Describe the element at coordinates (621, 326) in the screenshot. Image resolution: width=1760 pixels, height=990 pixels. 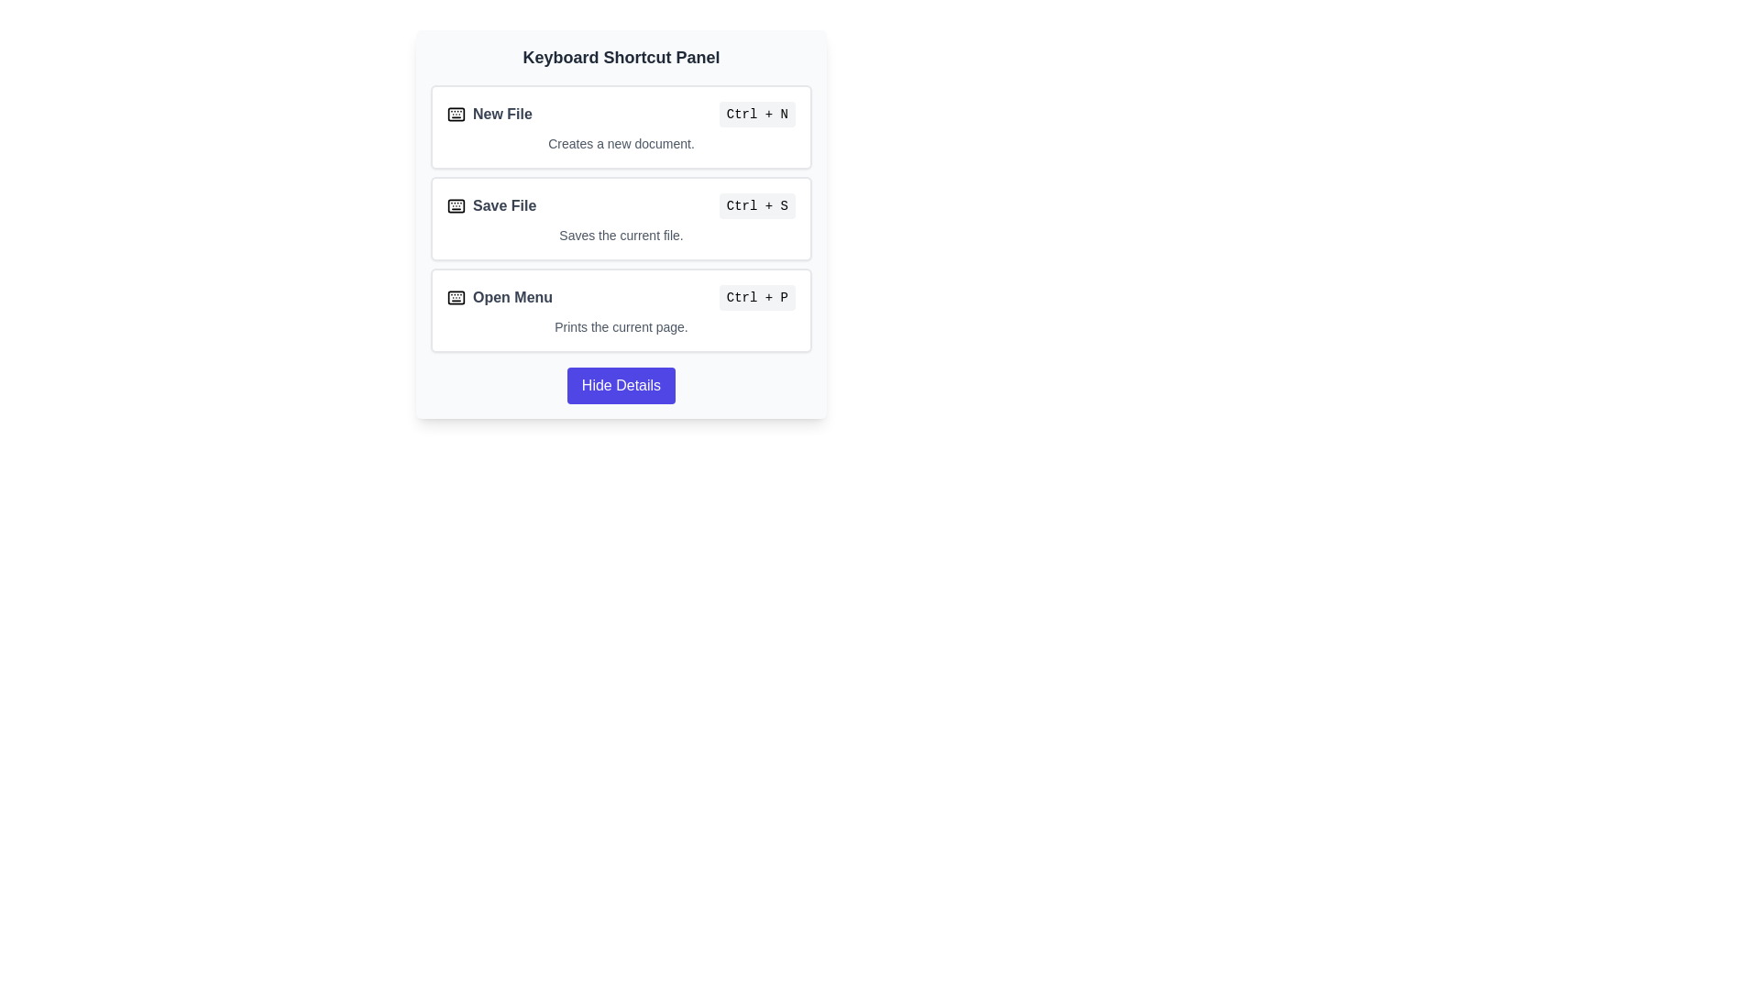
I see `descriptive caption text label that says 'Prints the current page.' located below the 'Open Menu Ctrl + P' box` at that location.